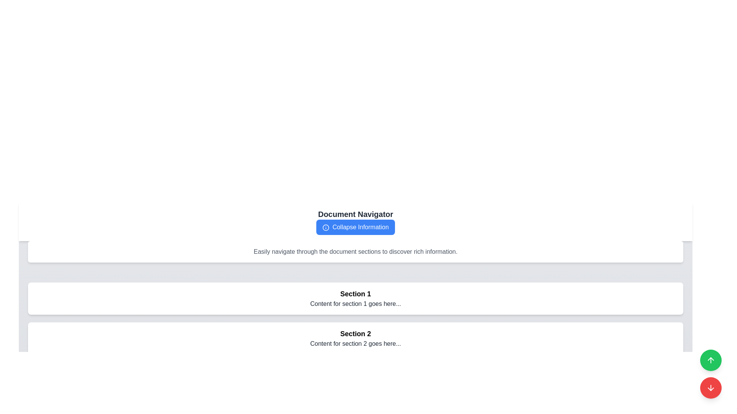 The height and width of the screenshot is (414, 737). What do you see at coordinates (326, 227) in the screenshot?
I see `the circular graphic within the SVG icon that indicates 'Collapse Information' located next to the text in the header` at bounding box center [326, 227].